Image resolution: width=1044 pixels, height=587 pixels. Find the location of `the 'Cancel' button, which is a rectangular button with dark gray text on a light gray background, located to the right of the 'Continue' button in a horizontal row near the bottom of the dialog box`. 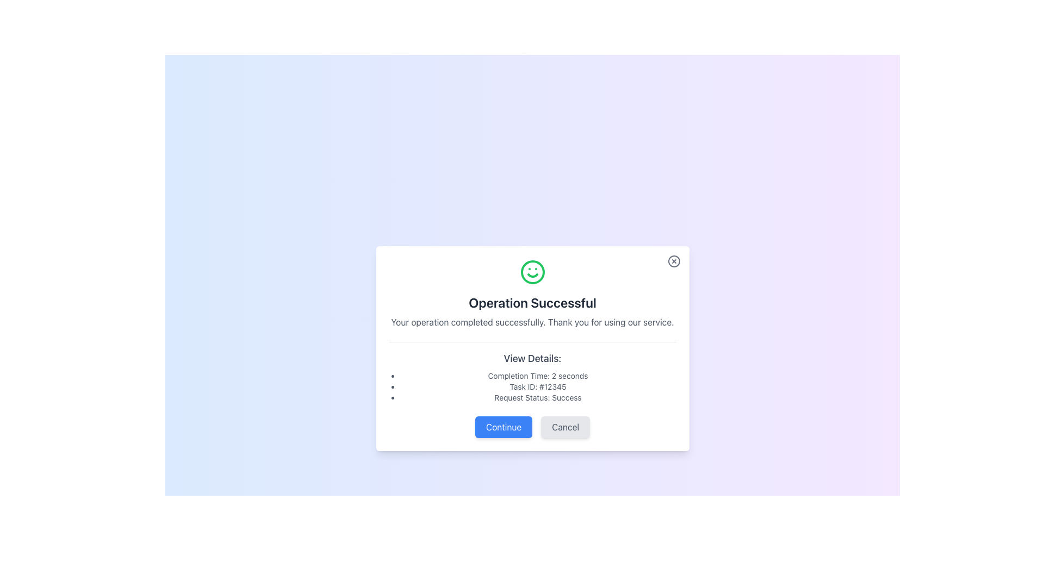

the 'Cancel' button, which is a rectangular button with dark gray text on a light gray background, located to the right of the 'Continue' button in a horizontal row near the bottom of the dialog box is located at coordinates (565, 426).